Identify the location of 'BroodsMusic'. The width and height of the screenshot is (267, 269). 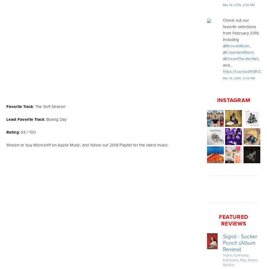
(226, 46).